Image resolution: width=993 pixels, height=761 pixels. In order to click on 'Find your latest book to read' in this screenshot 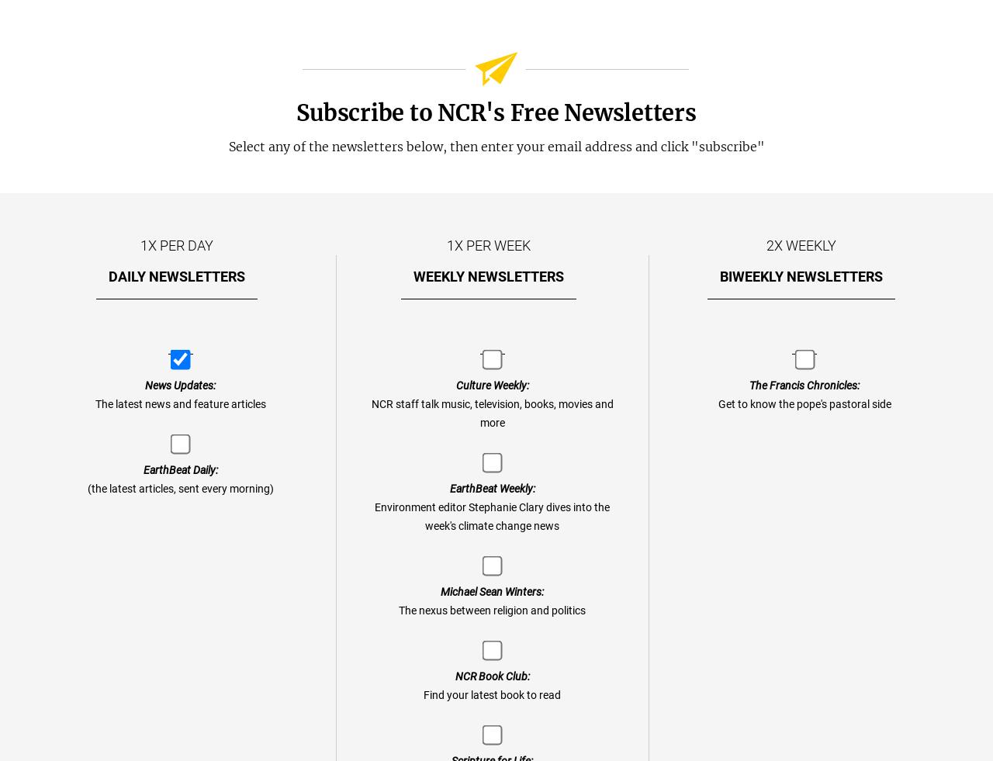, I will do `click(491, 695)`.